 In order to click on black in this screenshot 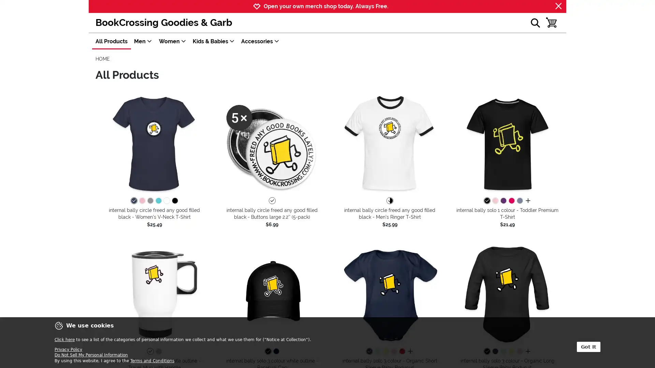, I will do `click(175, 201)`.